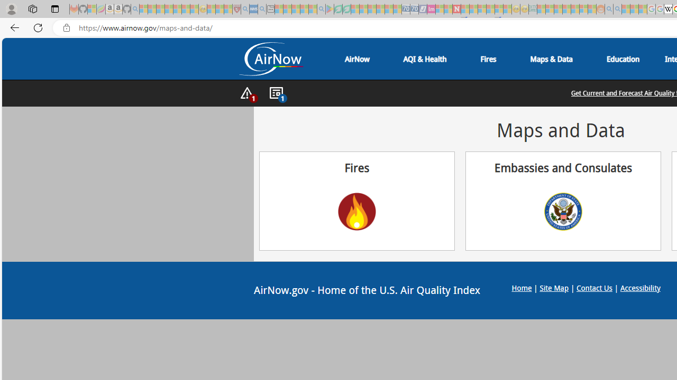  I want to click on 'Air Now Logo', so click(271, 59).